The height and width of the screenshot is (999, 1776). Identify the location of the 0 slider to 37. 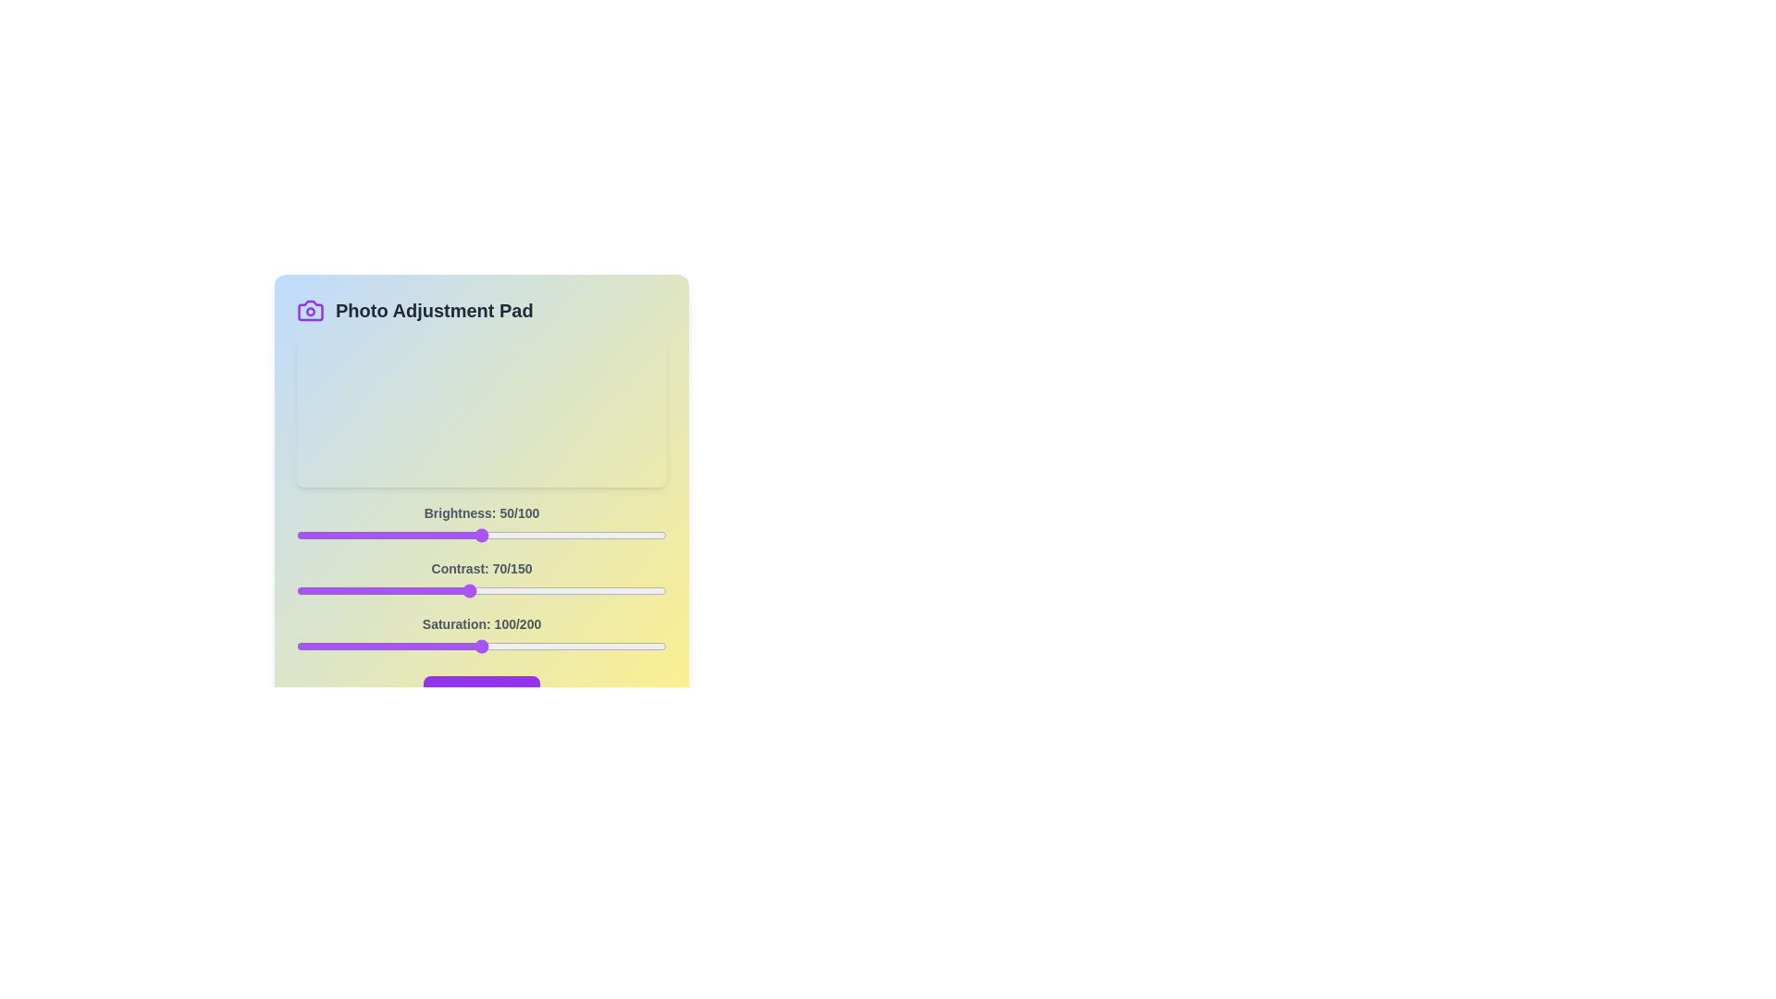
(433, 535).